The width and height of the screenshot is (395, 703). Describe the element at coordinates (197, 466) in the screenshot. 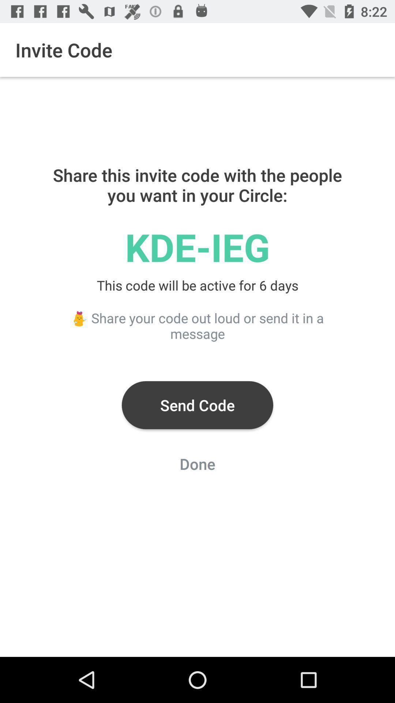

I see `icon below the send code item` at that location.